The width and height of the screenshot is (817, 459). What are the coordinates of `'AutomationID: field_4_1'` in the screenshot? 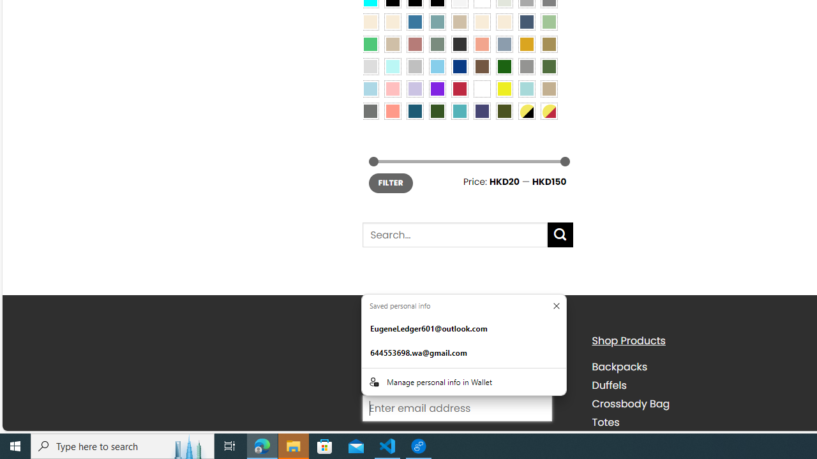 It's located at (457, 409).